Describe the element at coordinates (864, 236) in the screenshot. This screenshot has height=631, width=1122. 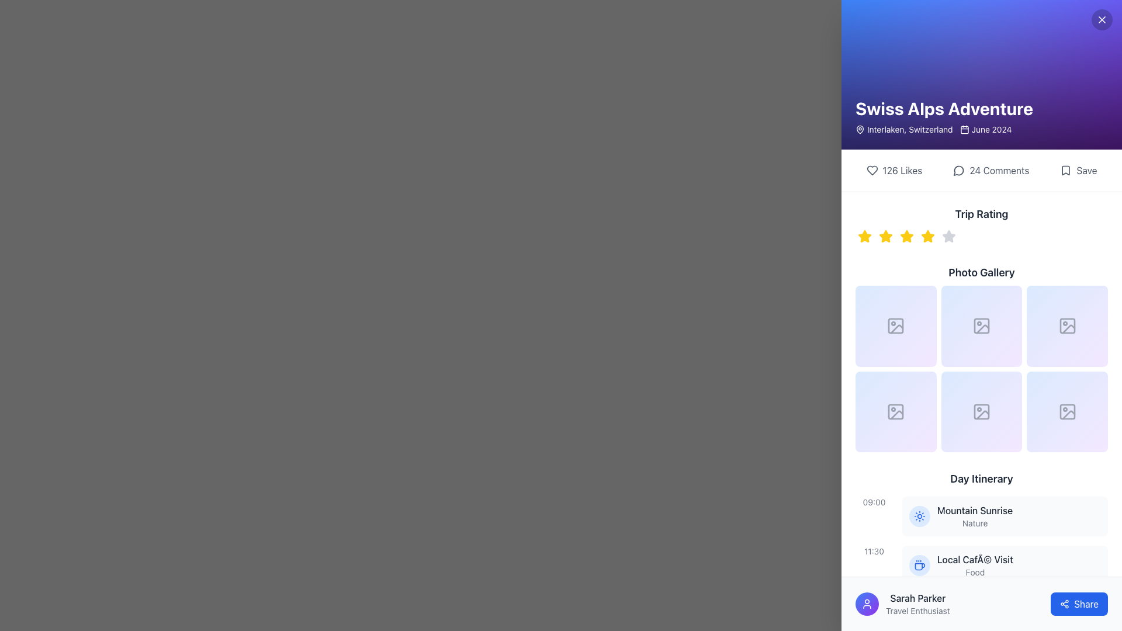
I see `the leftmost star in the rating system under the 'Trip Rating' heading` at that location.